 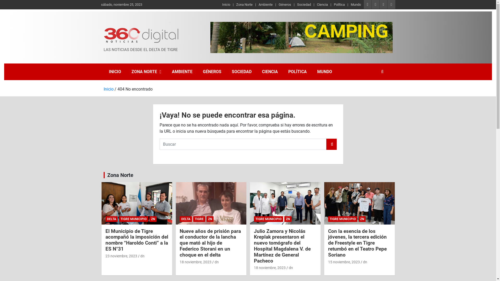 I want to click on 'Sociedad', so click(x=304, y=5).